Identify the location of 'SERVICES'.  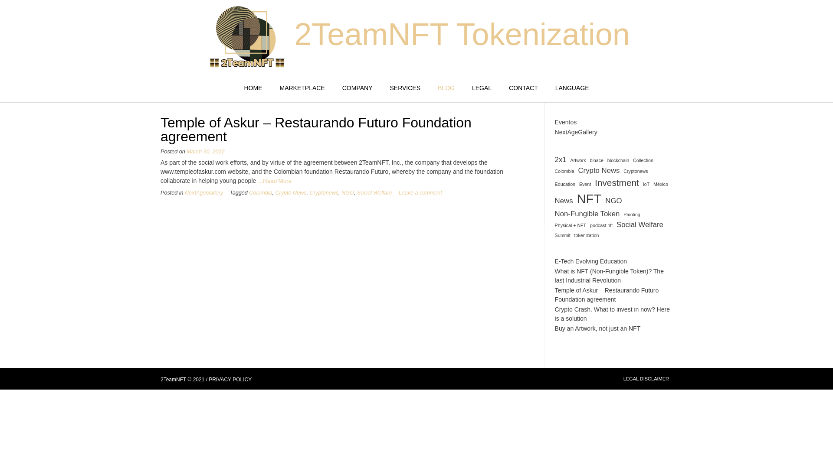
(404, 88).